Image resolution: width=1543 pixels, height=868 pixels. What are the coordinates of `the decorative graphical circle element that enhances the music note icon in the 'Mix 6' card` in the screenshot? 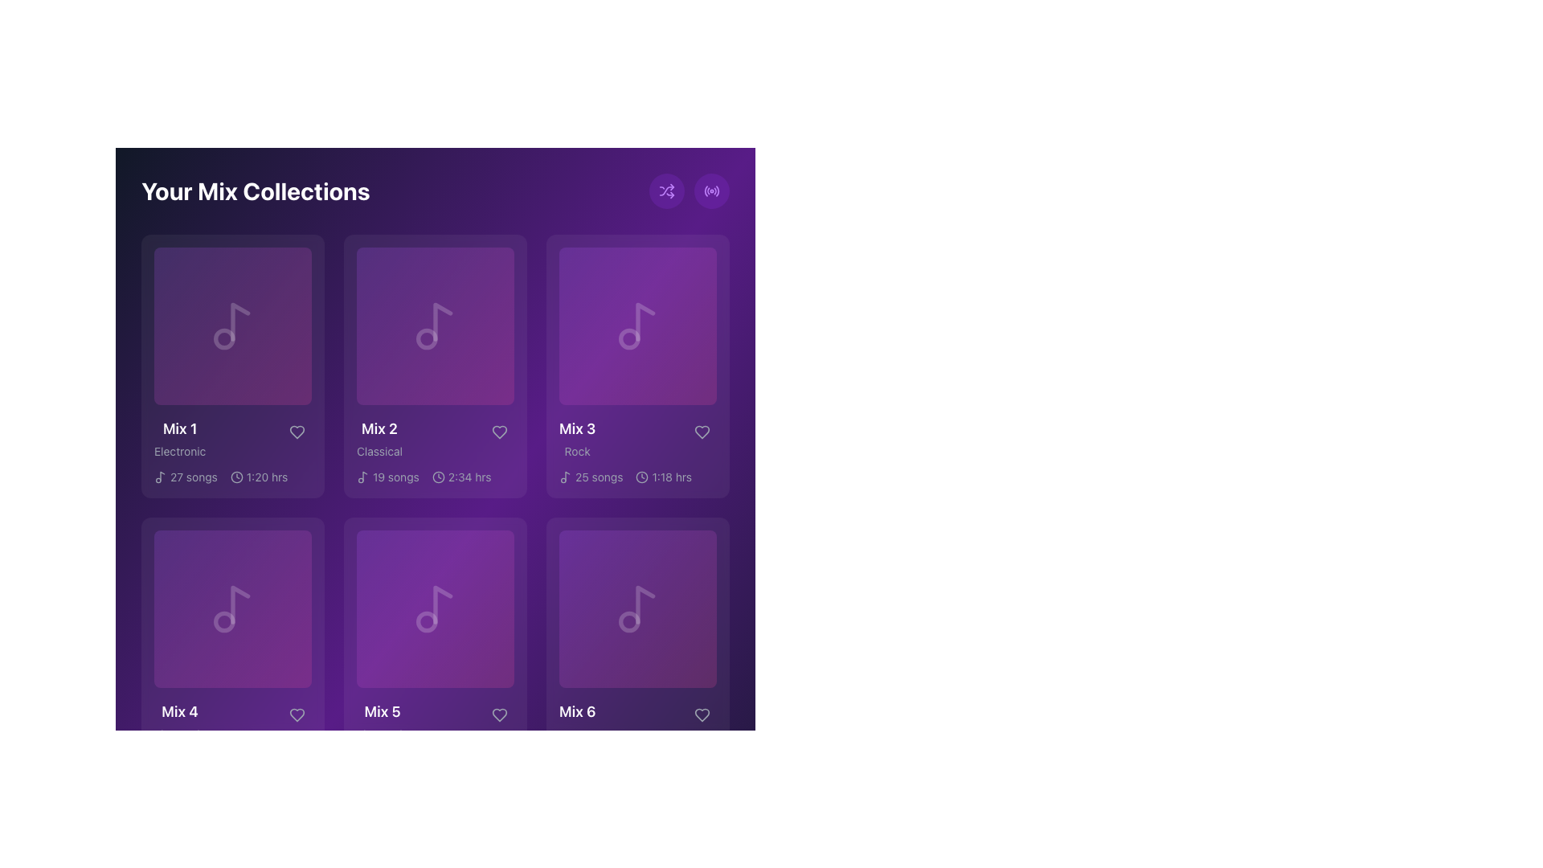 It's located at (628, 621).